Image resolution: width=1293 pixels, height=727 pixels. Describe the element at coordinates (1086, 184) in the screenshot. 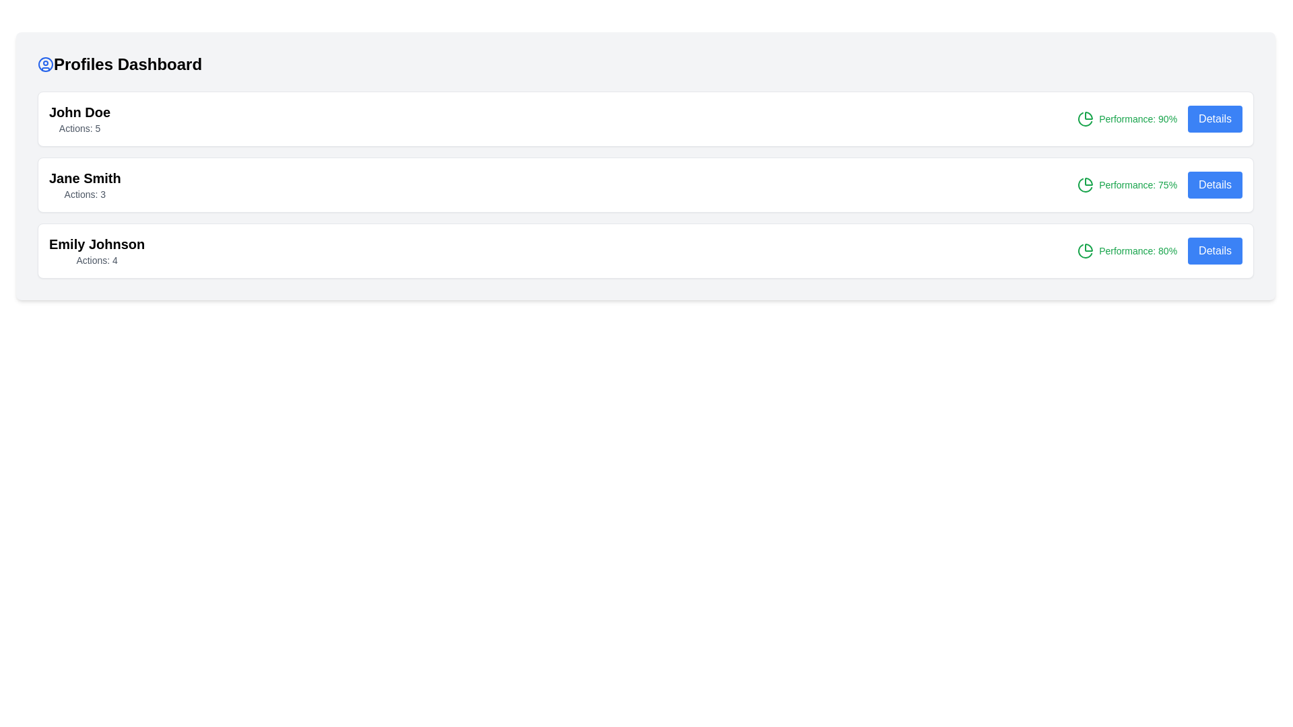

I see `the pie chart icon representing performance metrics for user 'Jane Smith', which visually corresponds to the percentage '75%' displayed next to it` at that location.